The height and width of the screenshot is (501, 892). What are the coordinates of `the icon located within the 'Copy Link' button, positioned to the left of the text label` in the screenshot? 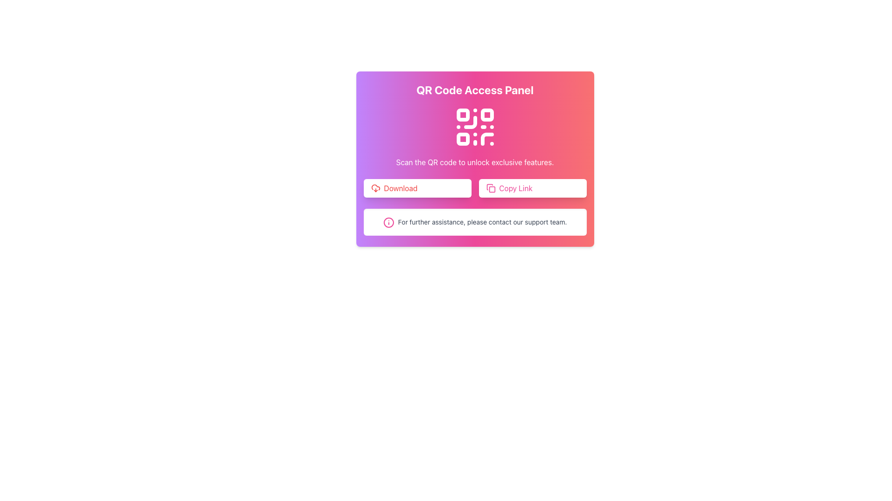 It's located at (490, 188).